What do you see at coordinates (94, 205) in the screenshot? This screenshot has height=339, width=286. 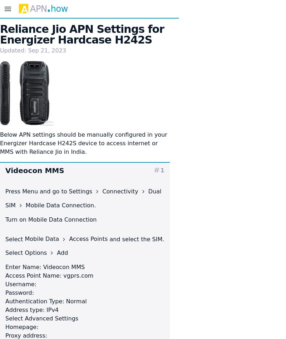 I see `'.'` at bounding box center [94, 205].